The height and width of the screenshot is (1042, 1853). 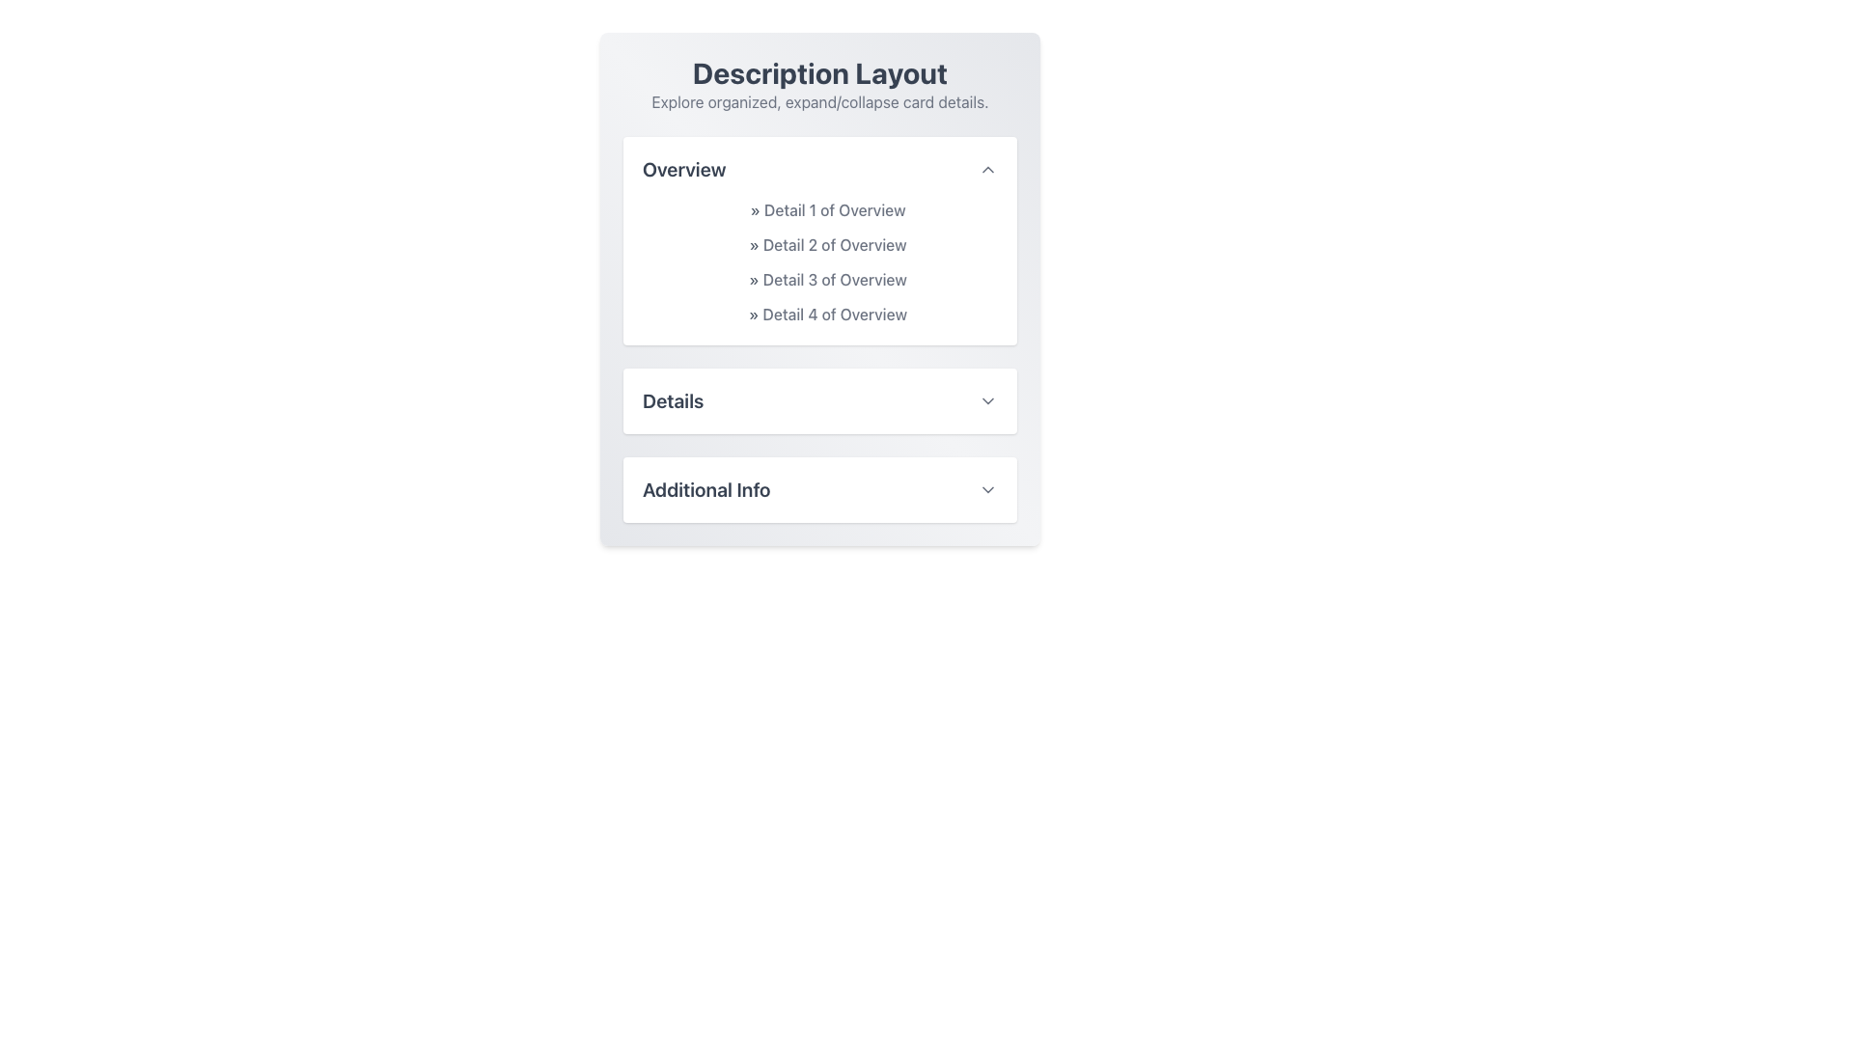 What do you see at coordinates (819, 279) in the screenshot?
I see `the third list item in the 'Overview' section, which describes a specific detail and is positioned between 'Detail 2 of Overview' and 'Detail 4 of Overview'` at bounding box center [819, 279].